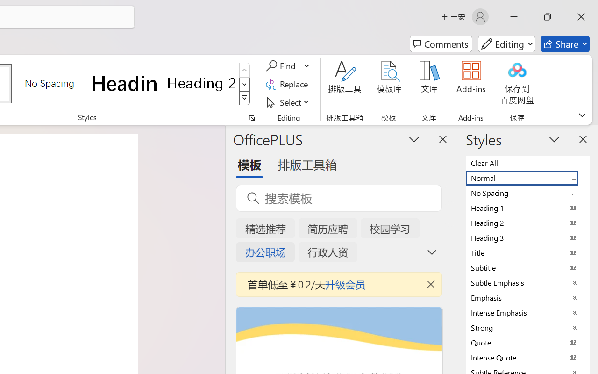 Image resolution: width=598 pixels, height=374 pixels. I want to click on 'Heading 3', so click(528, 237).